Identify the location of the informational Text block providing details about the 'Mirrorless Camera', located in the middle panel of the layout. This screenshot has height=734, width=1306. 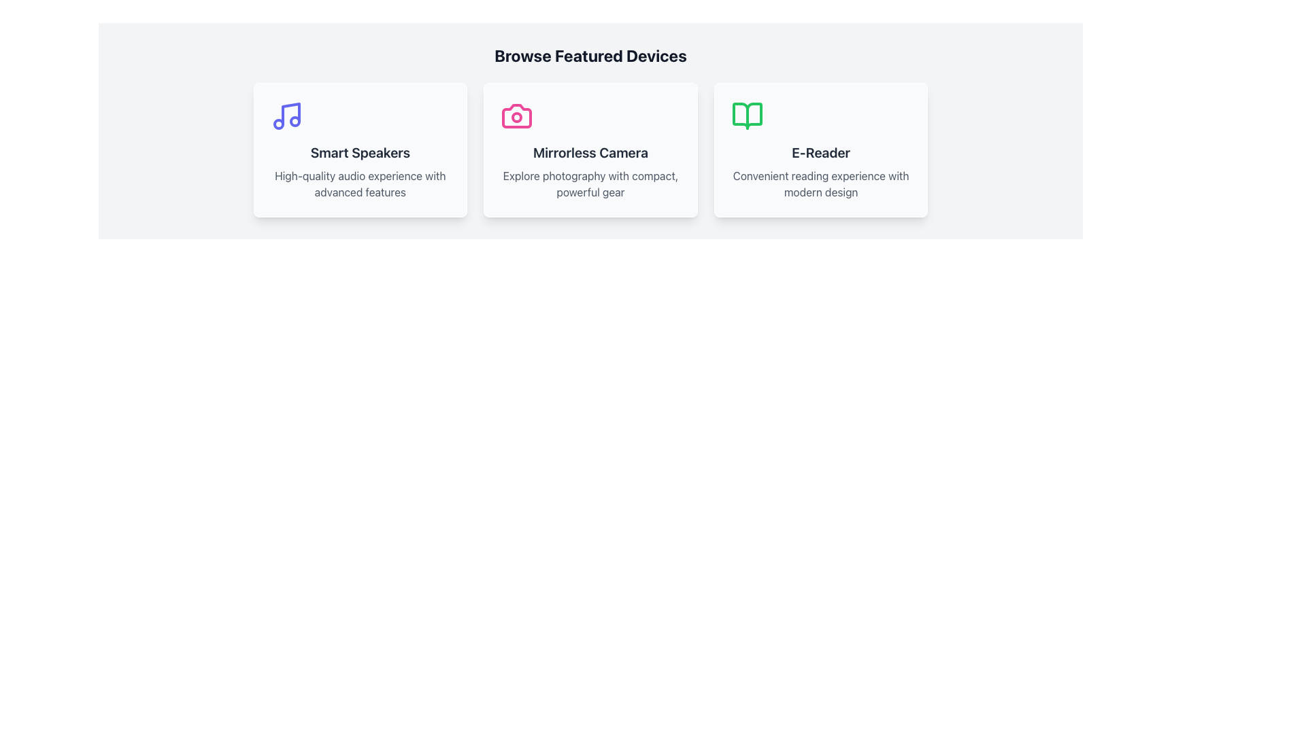
(590, 183).